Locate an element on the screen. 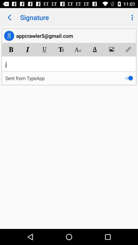  app next to signature is located at coordinates (131, 17).